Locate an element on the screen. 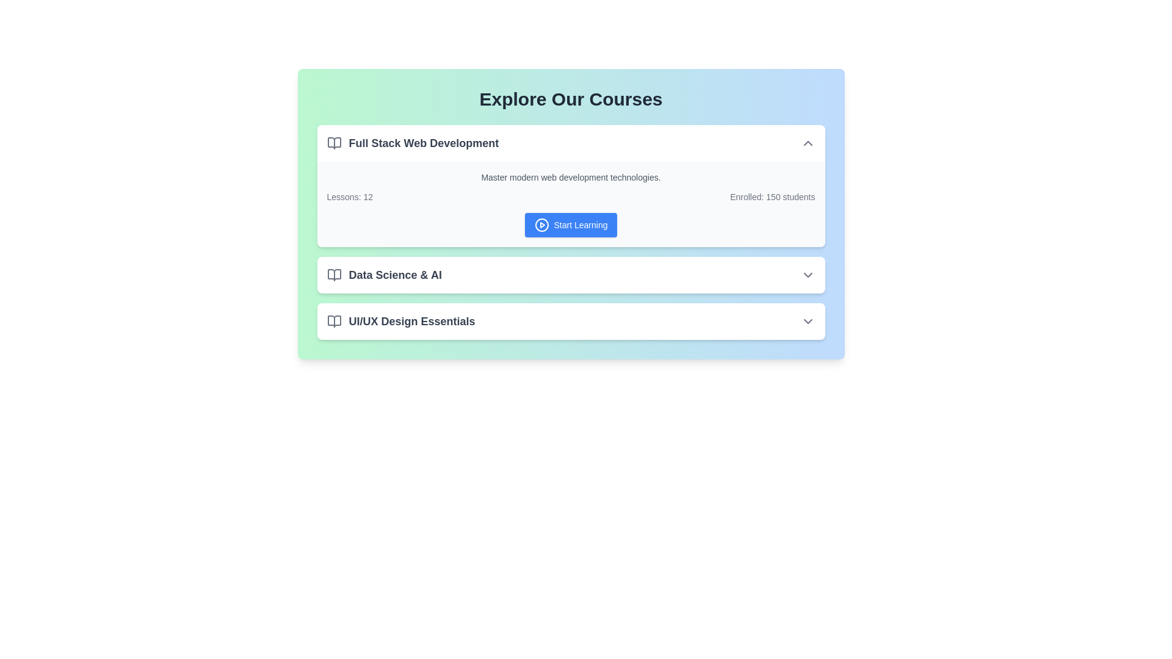 The height and width of the screenshot is (659, 1172). the text label displaying 'Full Stack Web Development' if it serves as a link is located at coordinates (413, 143).